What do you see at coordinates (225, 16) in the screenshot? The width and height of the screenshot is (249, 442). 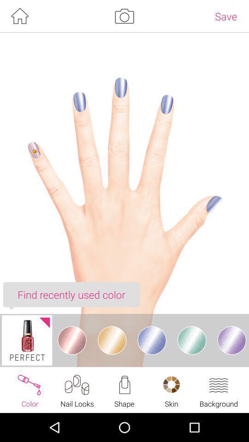 I see `the save` at bounding box center [225, 16].